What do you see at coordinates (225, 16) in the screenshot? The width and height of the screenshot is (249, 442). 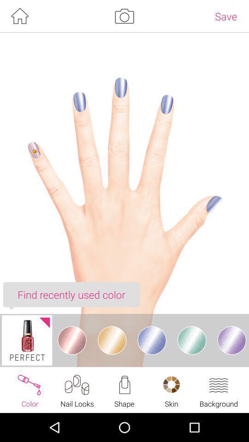 I see `the save` at bounding box center [225, 16].